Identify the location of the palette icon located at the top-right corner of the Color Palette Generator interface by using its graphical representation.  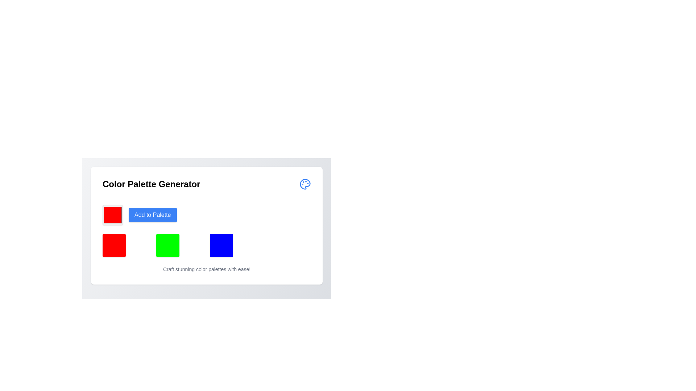
(304, 184).